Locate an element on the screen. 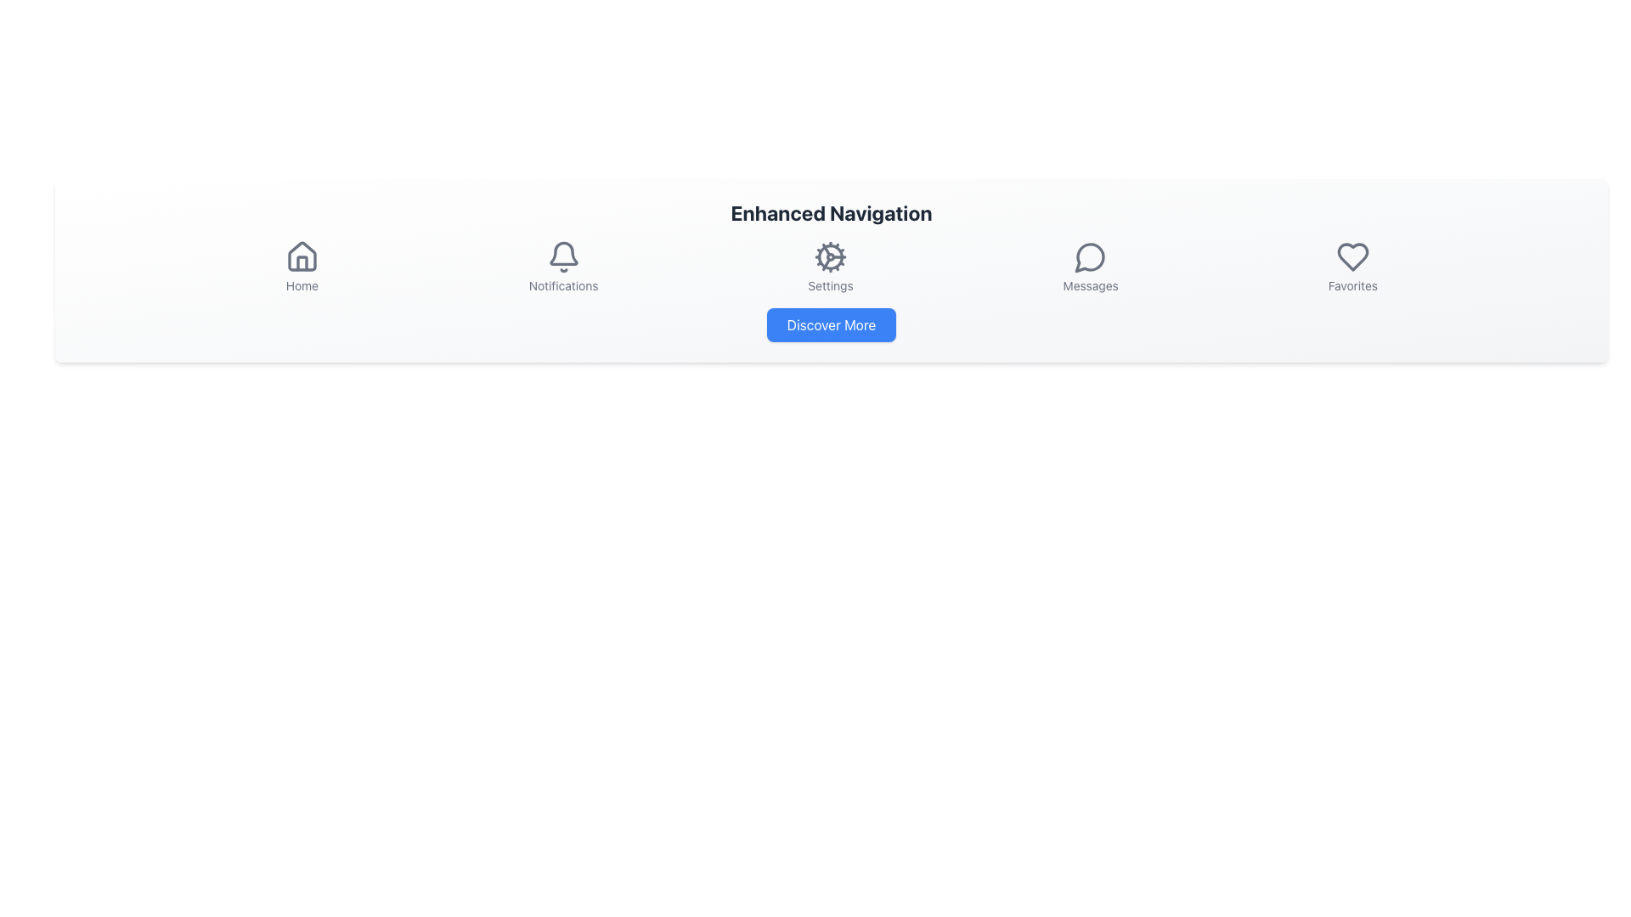 The width and height of the screenshot is (1631, 917). the 'Settings' icon, which is located at the center of the circular cogwheel graphic representing configuration options is located at coordinates (831, 257).